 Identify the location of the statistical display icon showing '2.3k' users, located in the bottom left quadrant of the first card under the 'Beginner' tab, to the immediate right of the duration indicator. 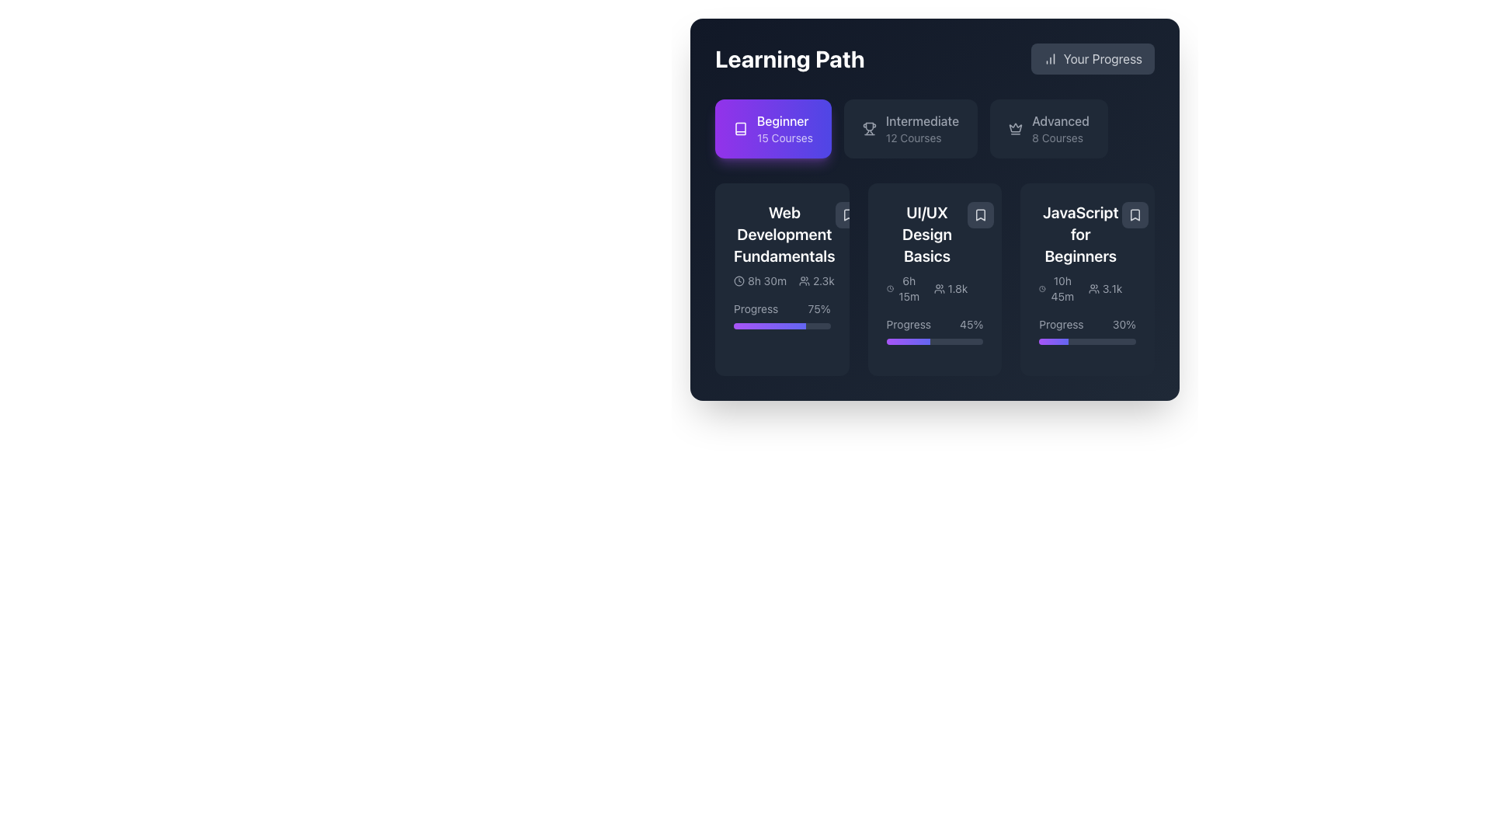
(815, 281).